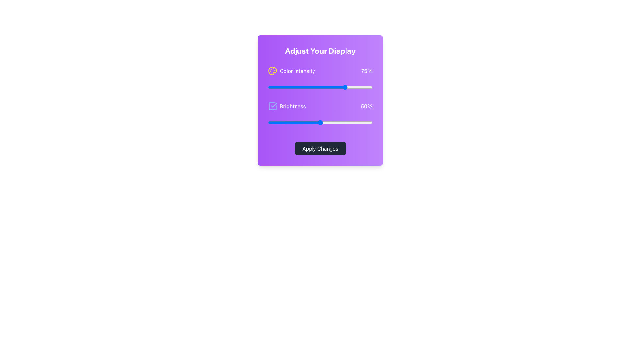 Image resolution: width=627 pixels, height=352 pixels. I want to click on the Brightness slider, so click(286, 122).